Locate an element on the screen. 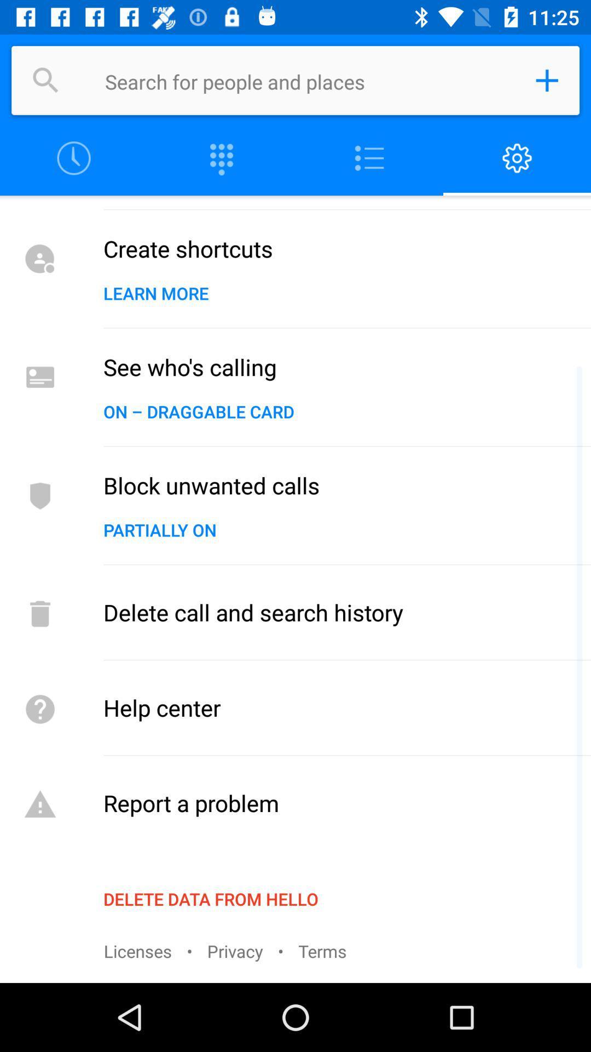  switch to main category menu is located at coordinates (369, 158).